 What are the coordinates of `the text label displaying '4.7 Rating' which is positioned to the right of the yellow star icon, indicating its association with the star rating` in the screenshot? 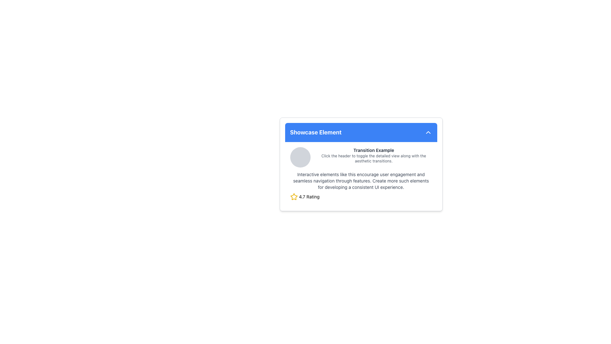 It's located at (309, 196).